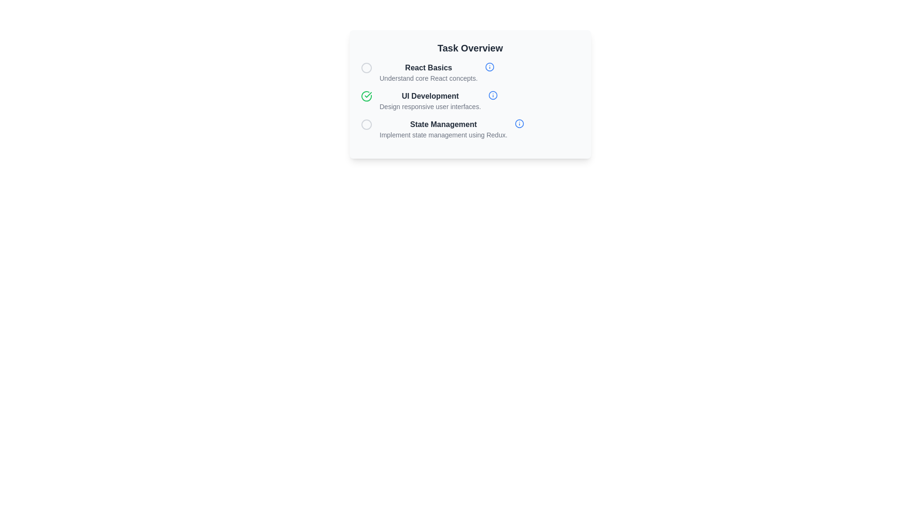  What do you see at coordinates (428, 67) in the screenshot?
I see `the 'React Basics' text label, which is the first item under the 'Task Overview' section, rendered in bold dark-gray font and visually separated from the descriptive line below` at bounding box center [428, 67].